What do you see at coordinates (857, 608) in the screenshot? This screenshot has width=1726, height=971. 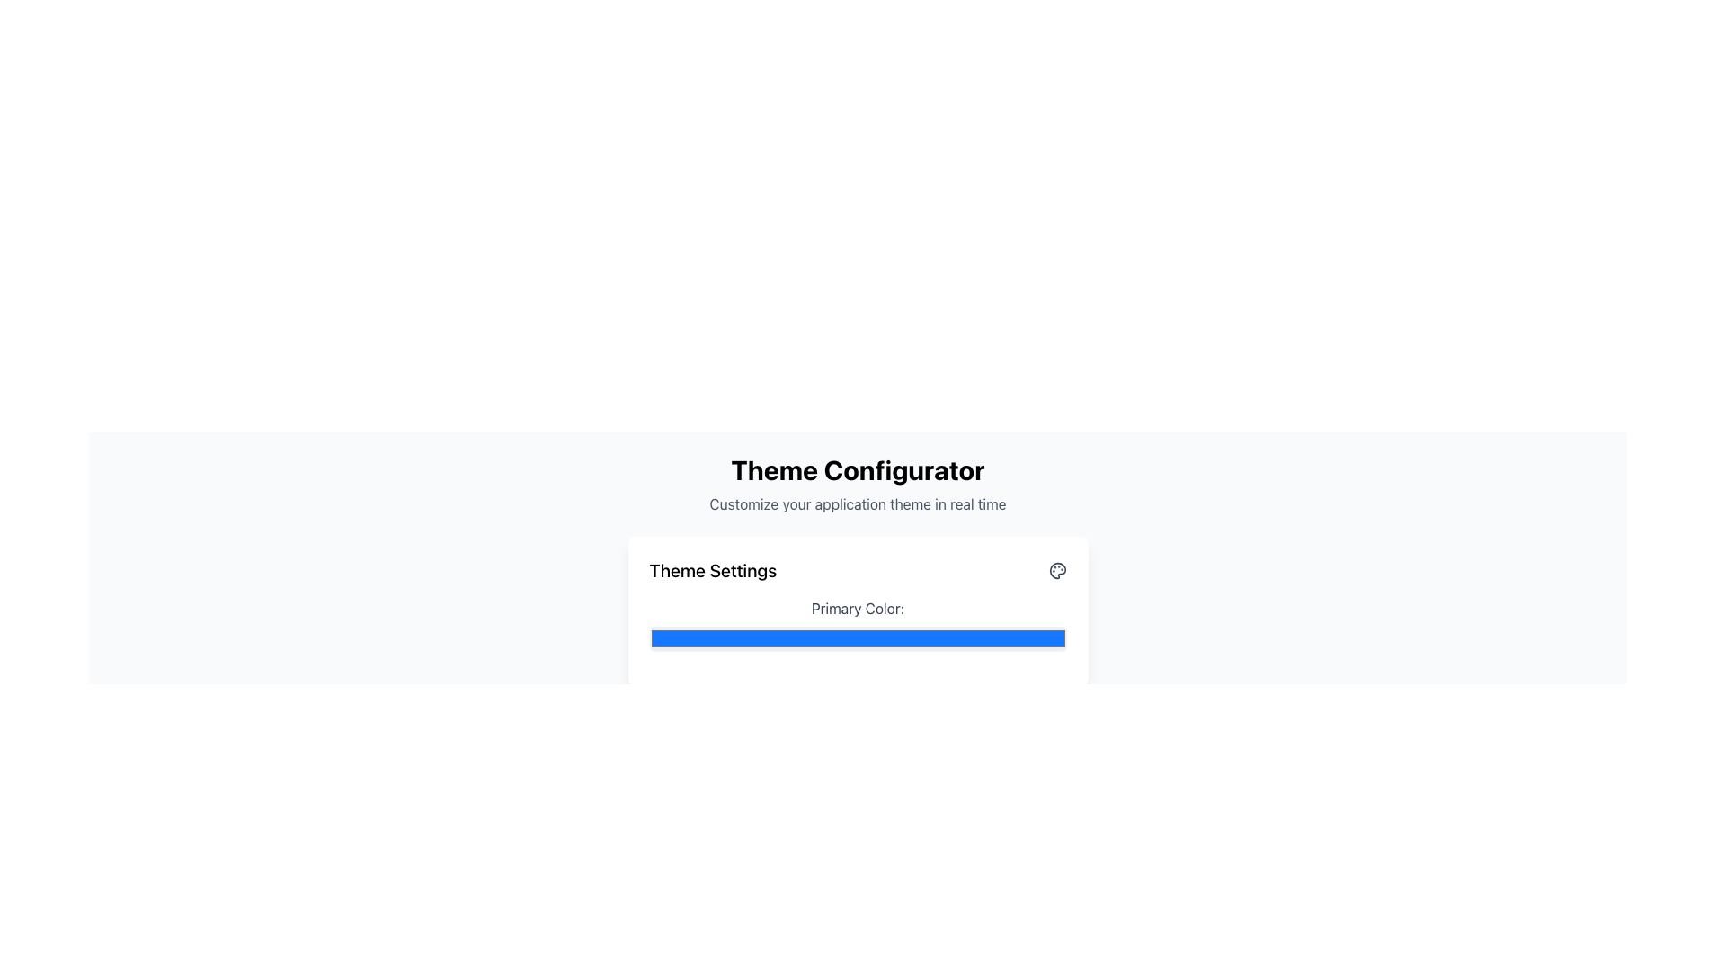 I see `the text label 'Primary Color:' which is positioned above the color selection input field` at bounding box center [857, 608].